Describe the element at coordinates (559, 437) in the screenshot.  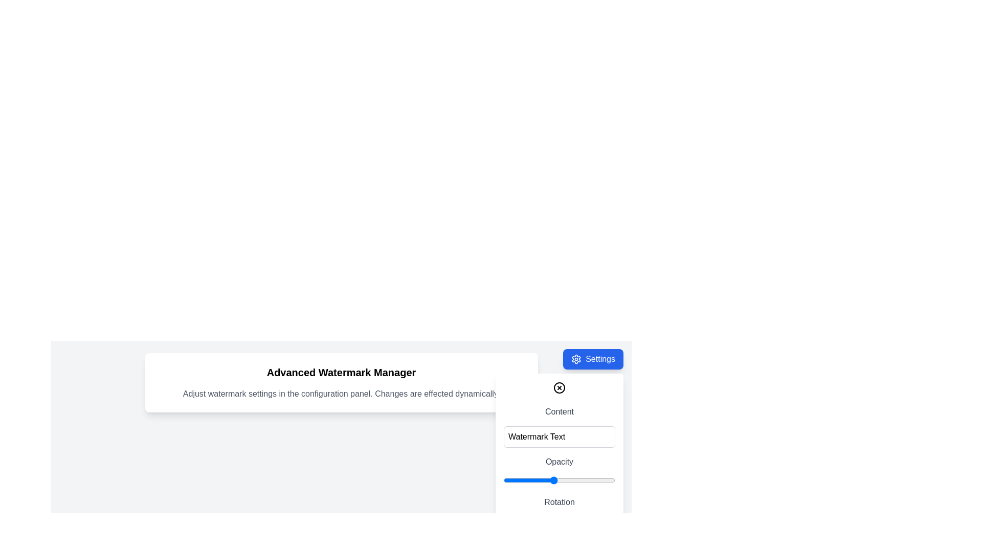
I see `the text input box located in the settings panel, which is positioned below the 'Content' label and above the 'Opacity' label, to focus it` at that location.